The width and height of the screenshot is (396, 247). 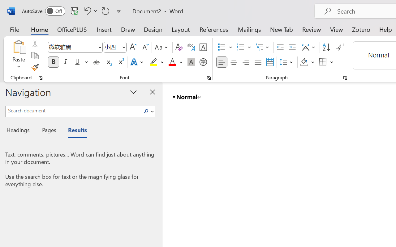 What do you see at coordinates (280, 47) in the screenshot?
I see `'Decrease Indent'` at bounding box center [280, 47].